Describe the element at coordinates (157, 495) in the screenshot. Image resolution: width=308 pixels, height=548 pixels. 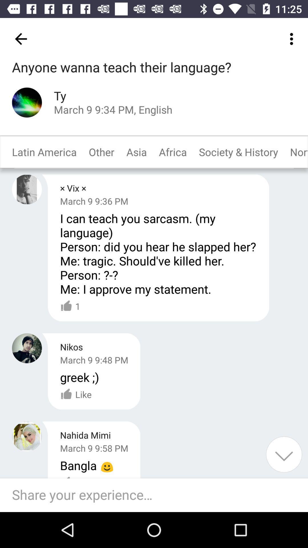
I see `comment box` at that location.